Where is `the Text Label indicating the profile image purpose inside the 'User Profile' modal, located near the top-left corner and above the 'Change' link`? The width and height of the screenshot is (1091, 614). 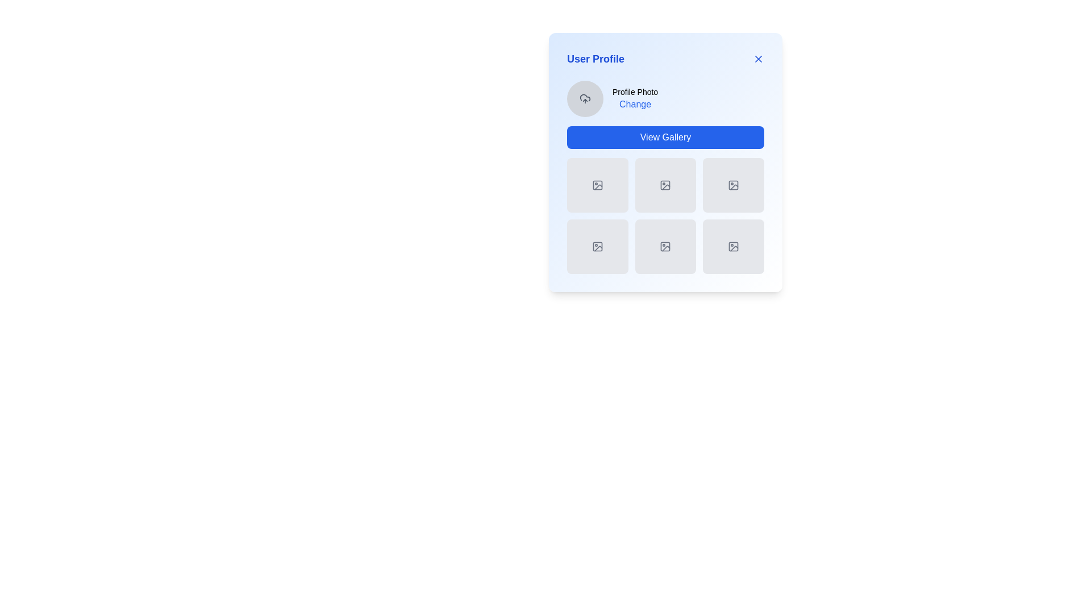
the Text Label indicating the profile image purpose inside the 'User Profile' modal, located near the top-left corner and above the 'Change' link is located at coordinates (635, 92).